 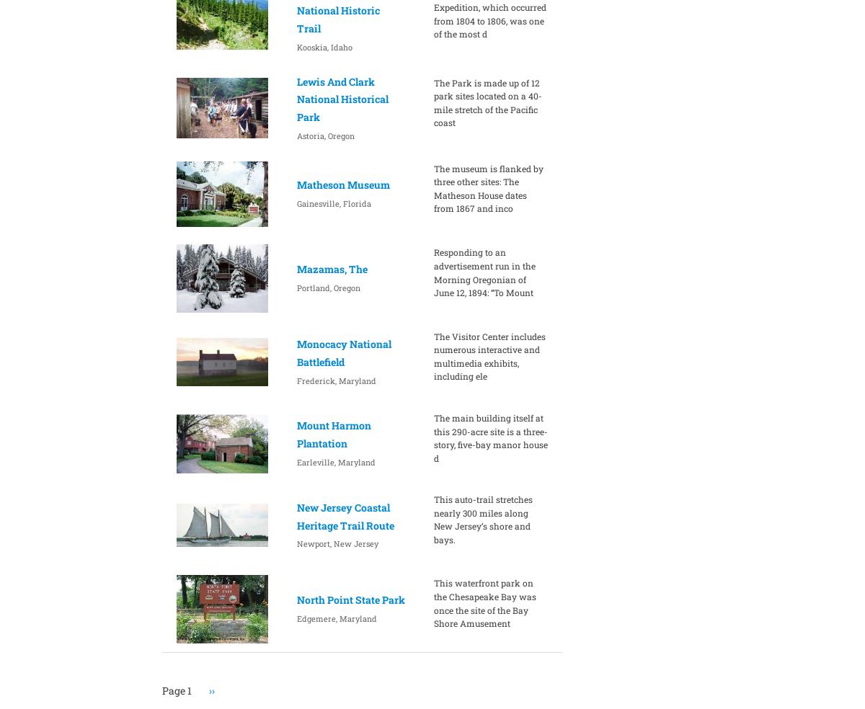 What do you see at coordinates (334, 379) in the screenshot?
I see `'Frederick, Maryland'` at bounding box center [334, 379].